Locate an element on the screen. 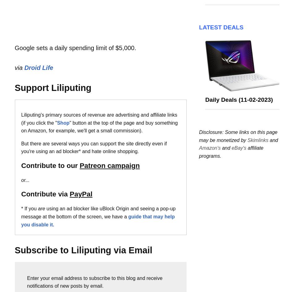 Image resolution: width=294 pixels, height=292 pixels. '" button at the top of the page and buy something on Amazon, for example, we'll get a small commission).' is located at coordinates (99, 127).